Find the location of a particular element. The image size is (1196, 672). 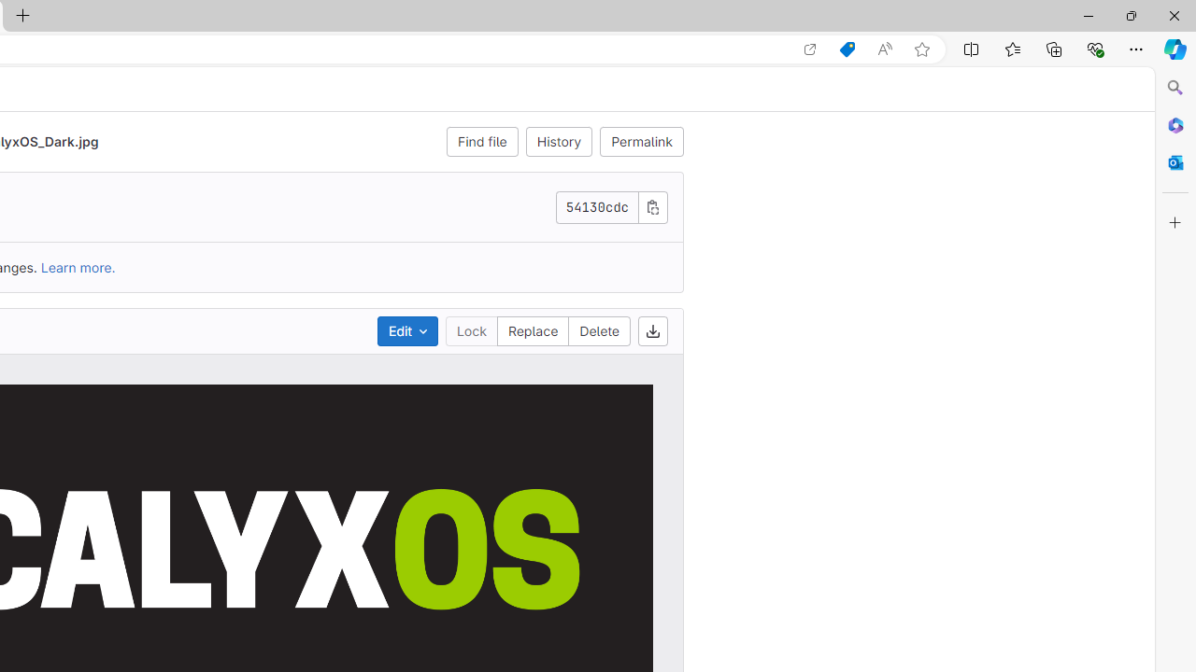

'Edit' is located at coordinates (406, 329).